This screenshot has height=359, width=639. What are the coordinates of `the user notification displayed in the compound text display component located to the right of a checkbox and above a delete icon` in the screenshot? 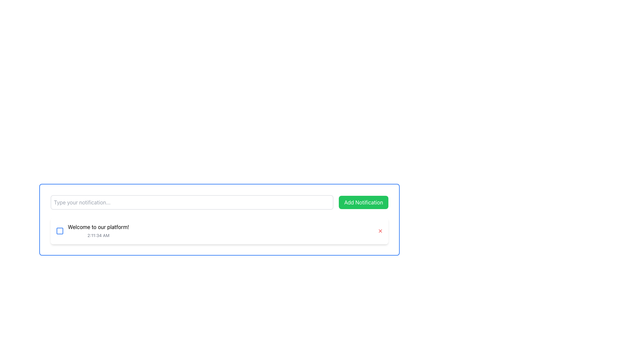 It's located at (98, 230).